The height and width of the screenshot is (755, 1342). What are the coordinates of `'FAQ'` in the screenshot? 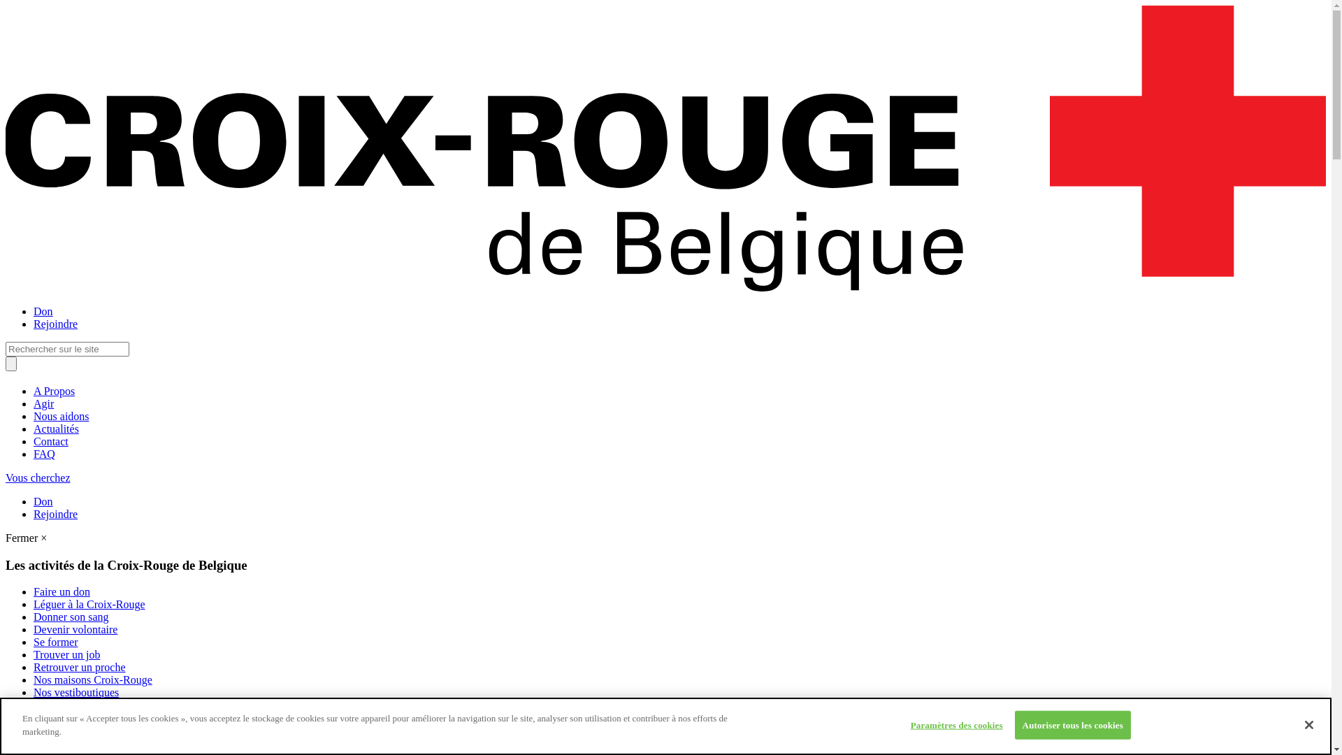 It's located at (44, 454).